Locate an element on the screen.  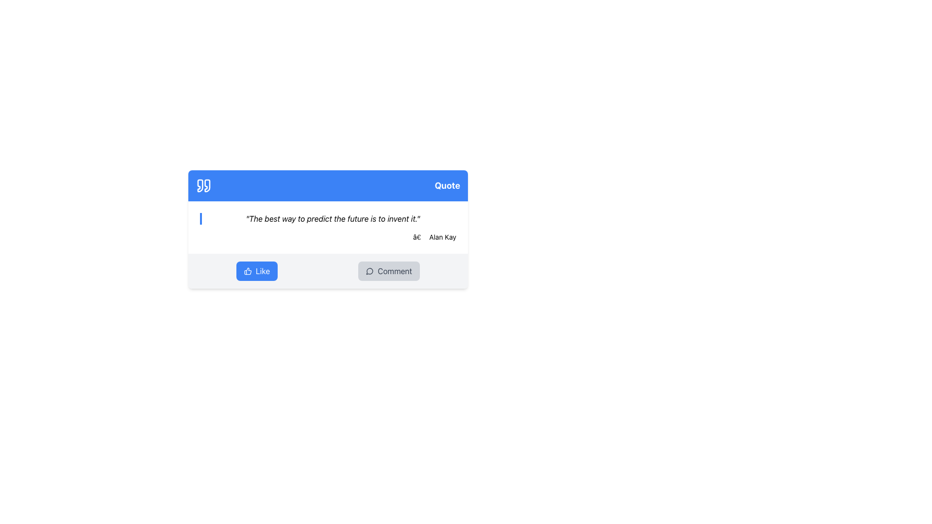
the blue right quotation mark icon located at the top-left of the card header, which is the second quotation mark in its grouping is located at coordinates (207, 185).